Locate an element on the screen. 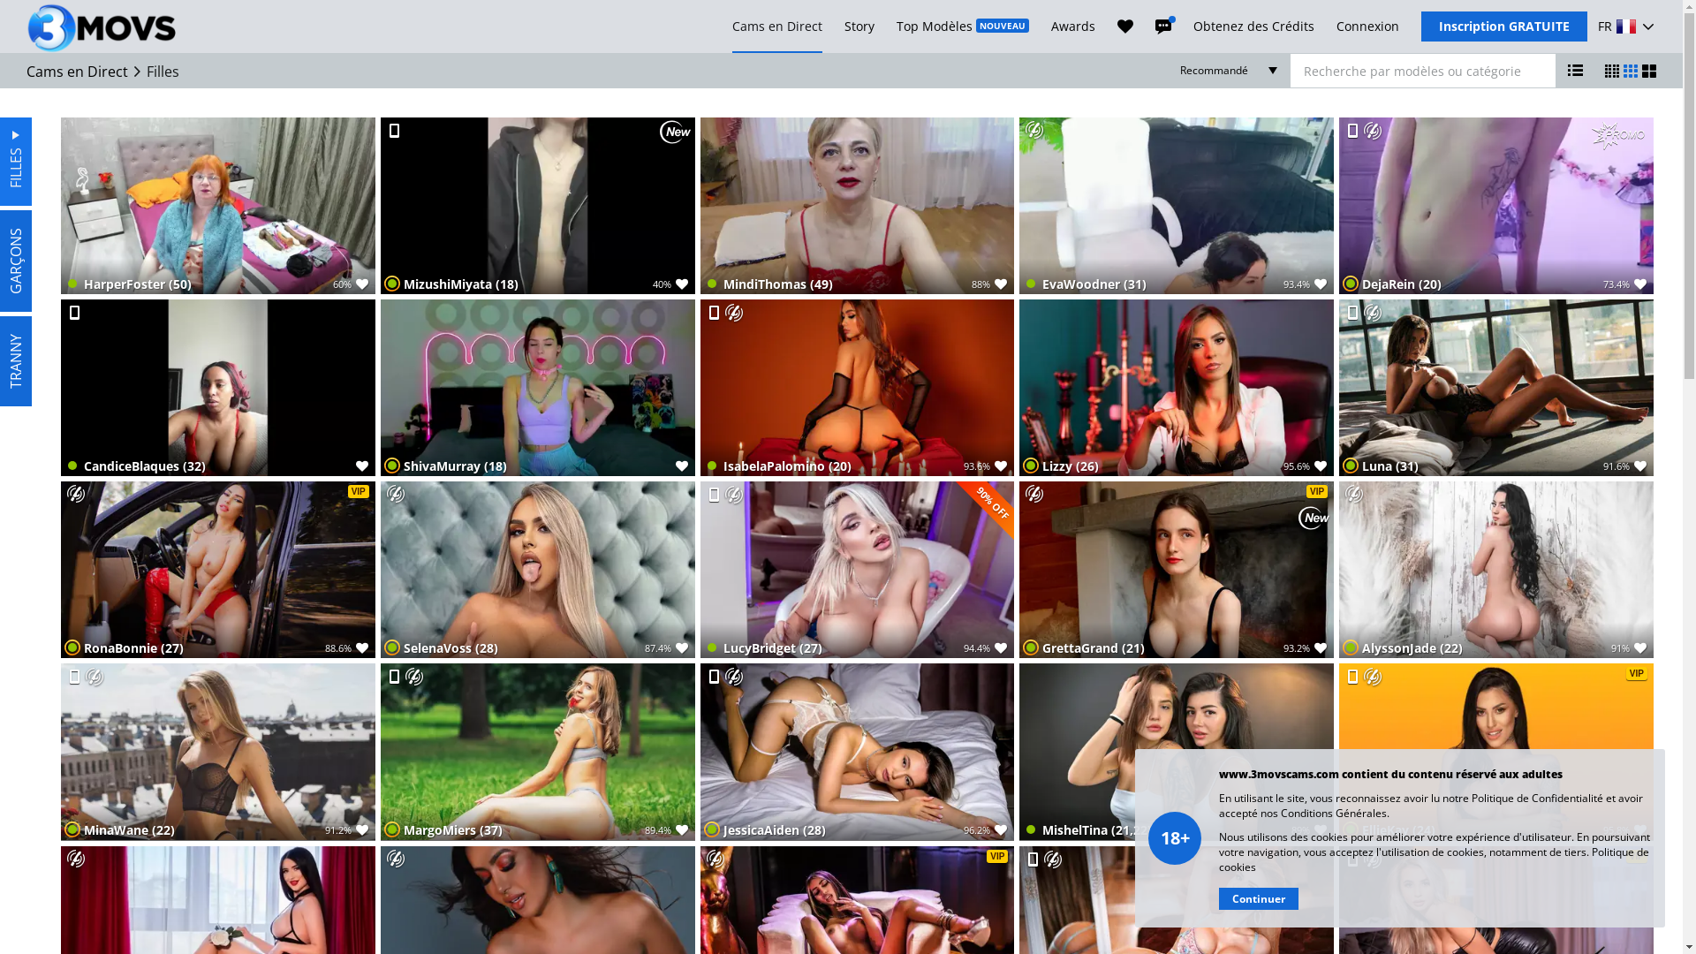 Image resolution: width=1696 pixels, height=954 pixels. 'Cams en Direct' is located at coordinates (776, 26).